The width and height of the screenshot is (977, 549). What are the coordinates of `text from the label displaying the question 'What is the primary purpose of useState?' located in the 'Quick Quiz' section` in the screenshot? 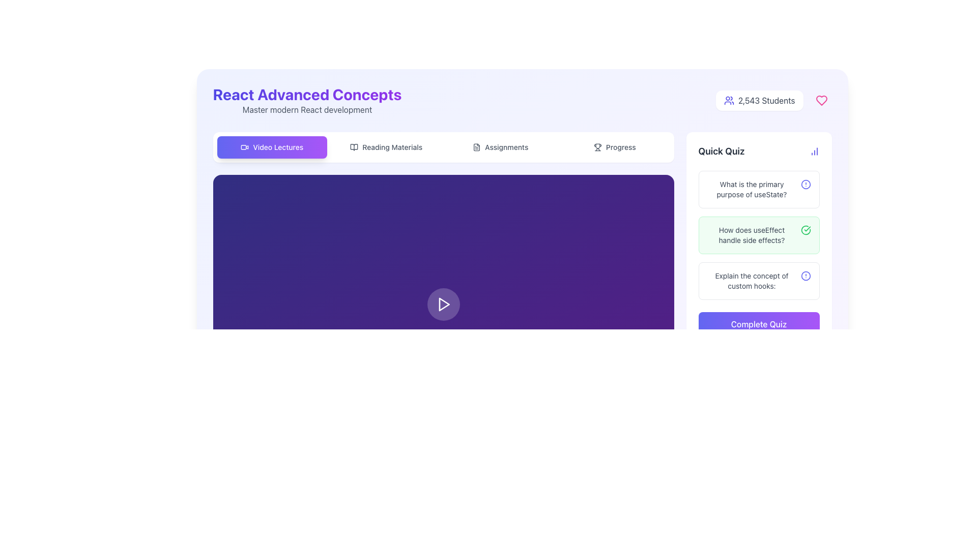 It's located at (752, 190).